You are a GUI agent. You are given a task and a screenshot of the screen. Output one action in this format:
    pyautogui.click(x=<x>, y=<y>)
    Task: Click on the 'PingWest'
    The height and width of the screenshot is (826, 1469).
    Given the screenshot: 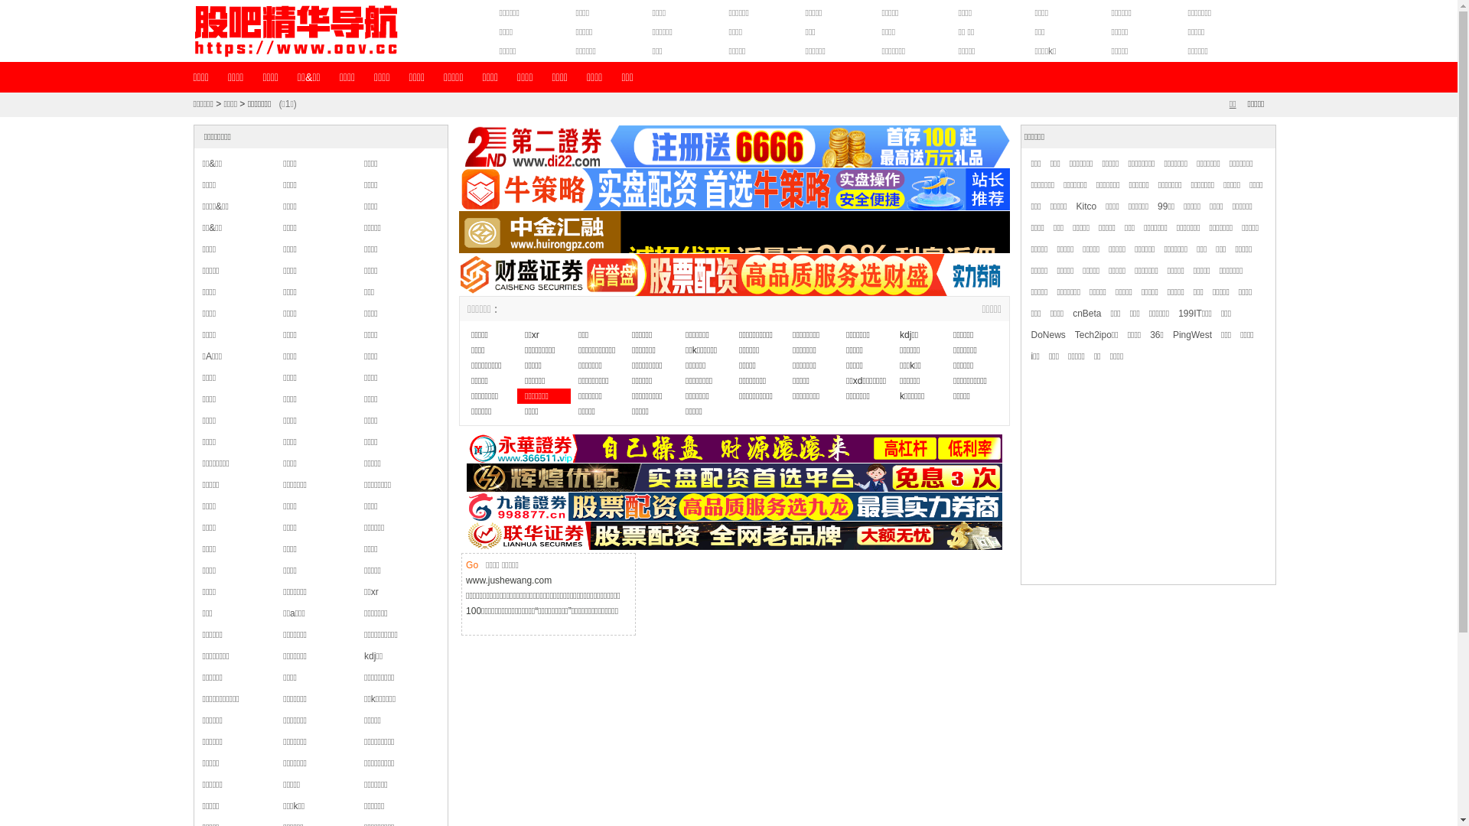 What is the action you would take?
    pyautogui.click(x=1170, y=334)
    